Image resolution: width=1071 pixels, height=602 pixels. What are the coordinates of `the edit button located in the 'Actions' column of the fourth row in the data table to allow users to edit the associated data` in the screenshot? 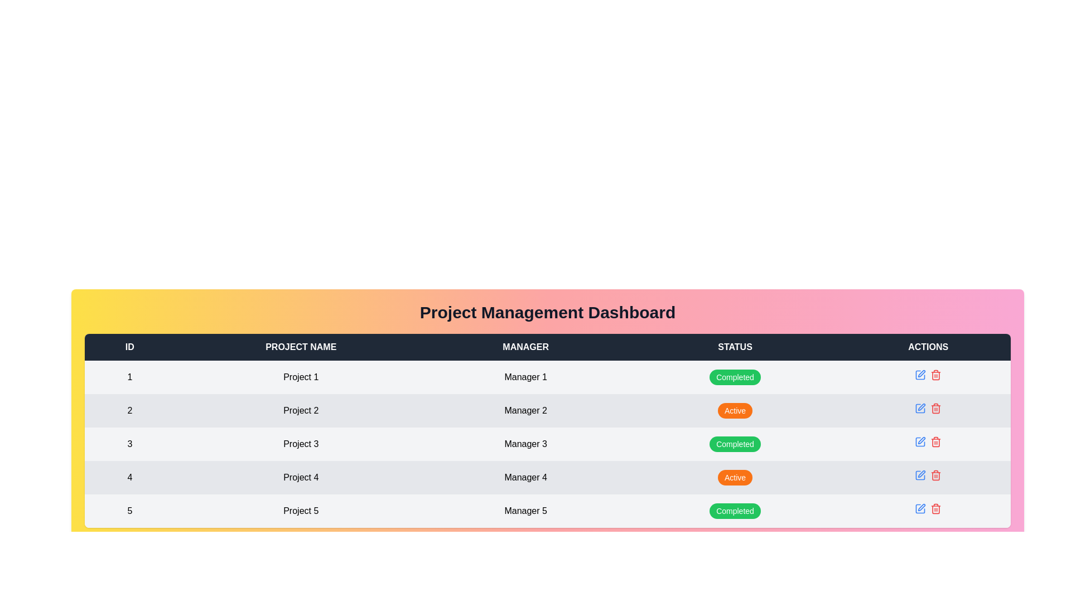 It's located at (920, 475).